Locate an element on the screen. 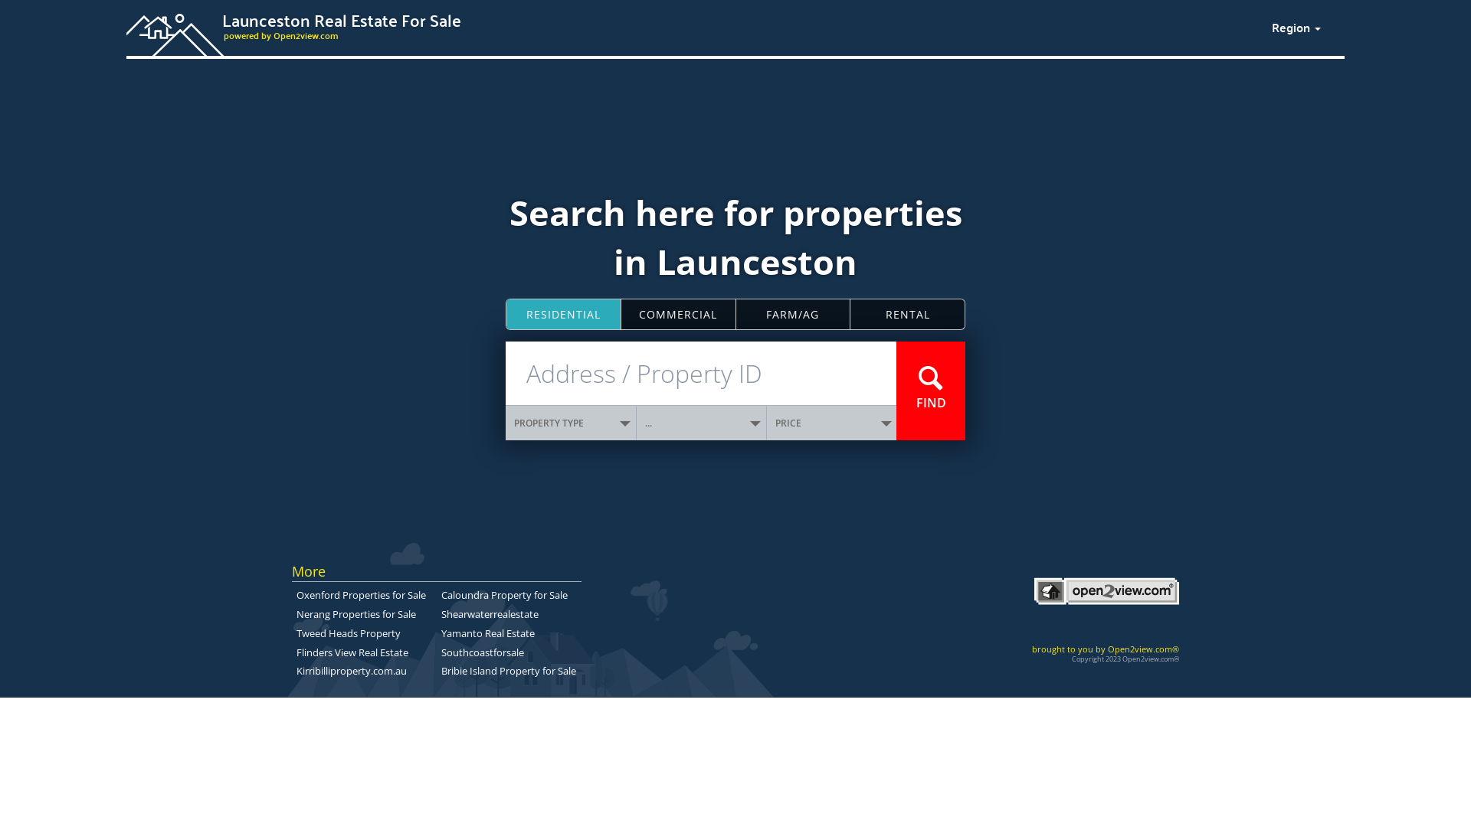 The height and width of the screenshot is (827, 1471). 'Tweed Heads Property' is located at coordinates (348, 633).